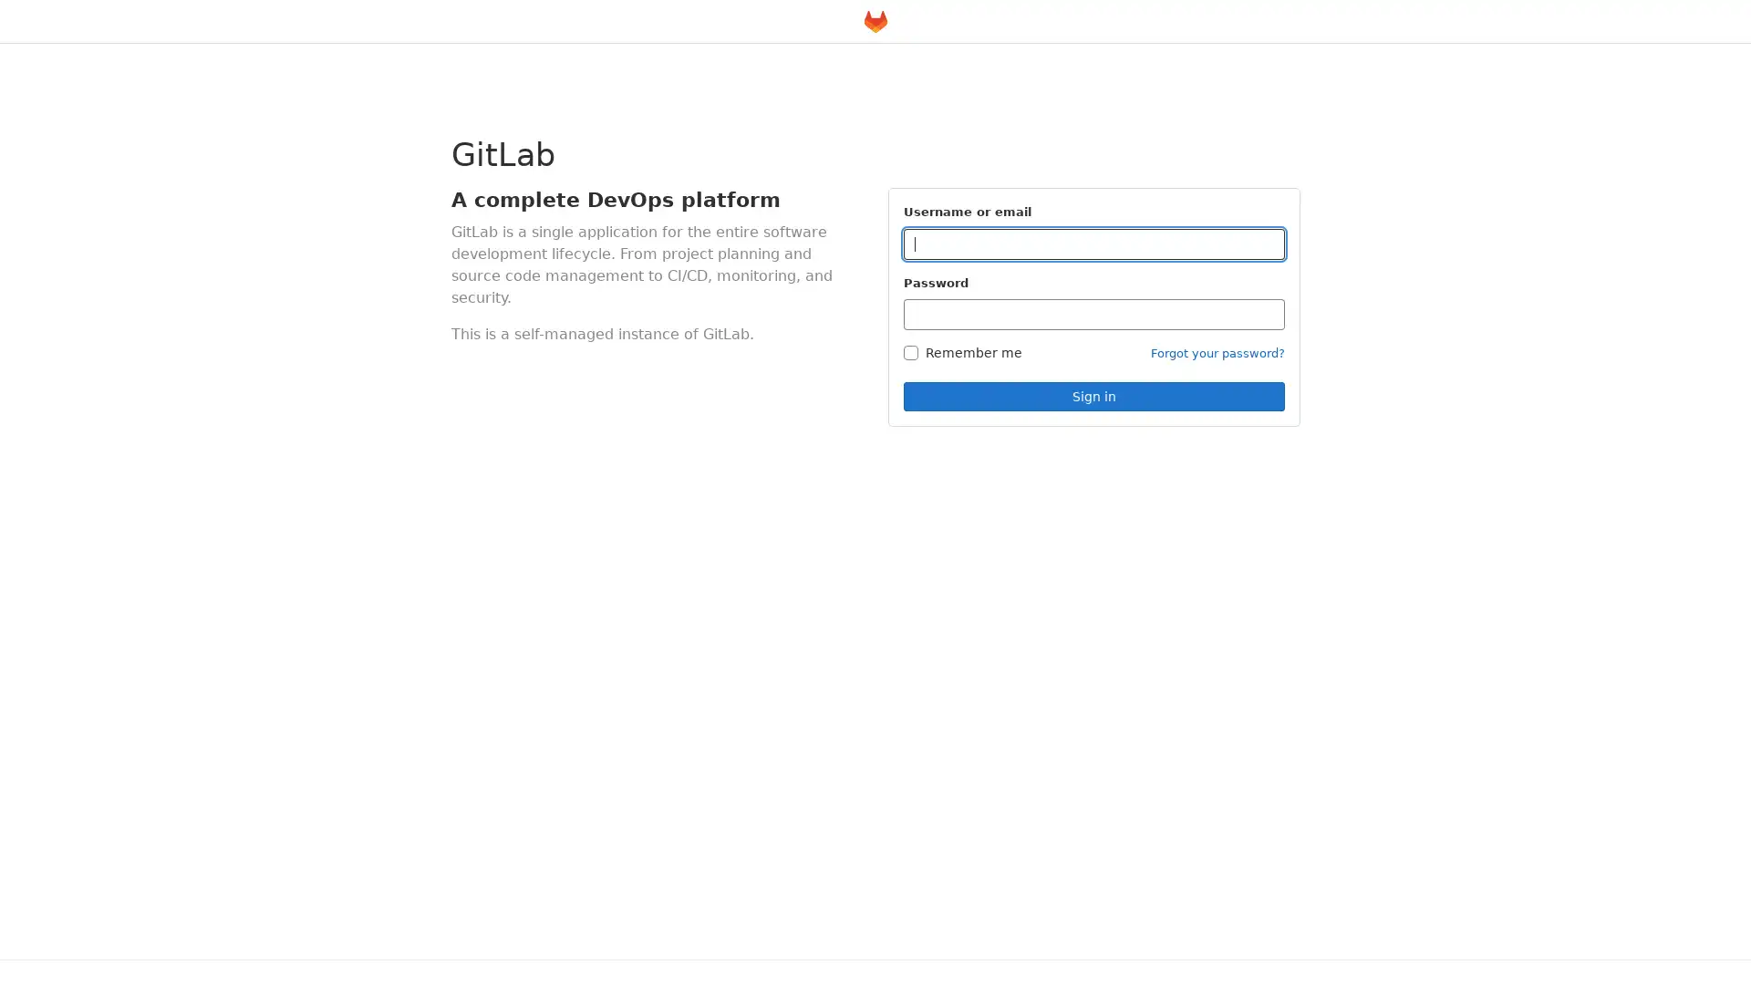 Image resolution: width=1751 pixels, height=985 pixels. What do you see at coordinates (1094, 396) in the screenshot?
I see `Sign in` at bounding box center [1094, 396].